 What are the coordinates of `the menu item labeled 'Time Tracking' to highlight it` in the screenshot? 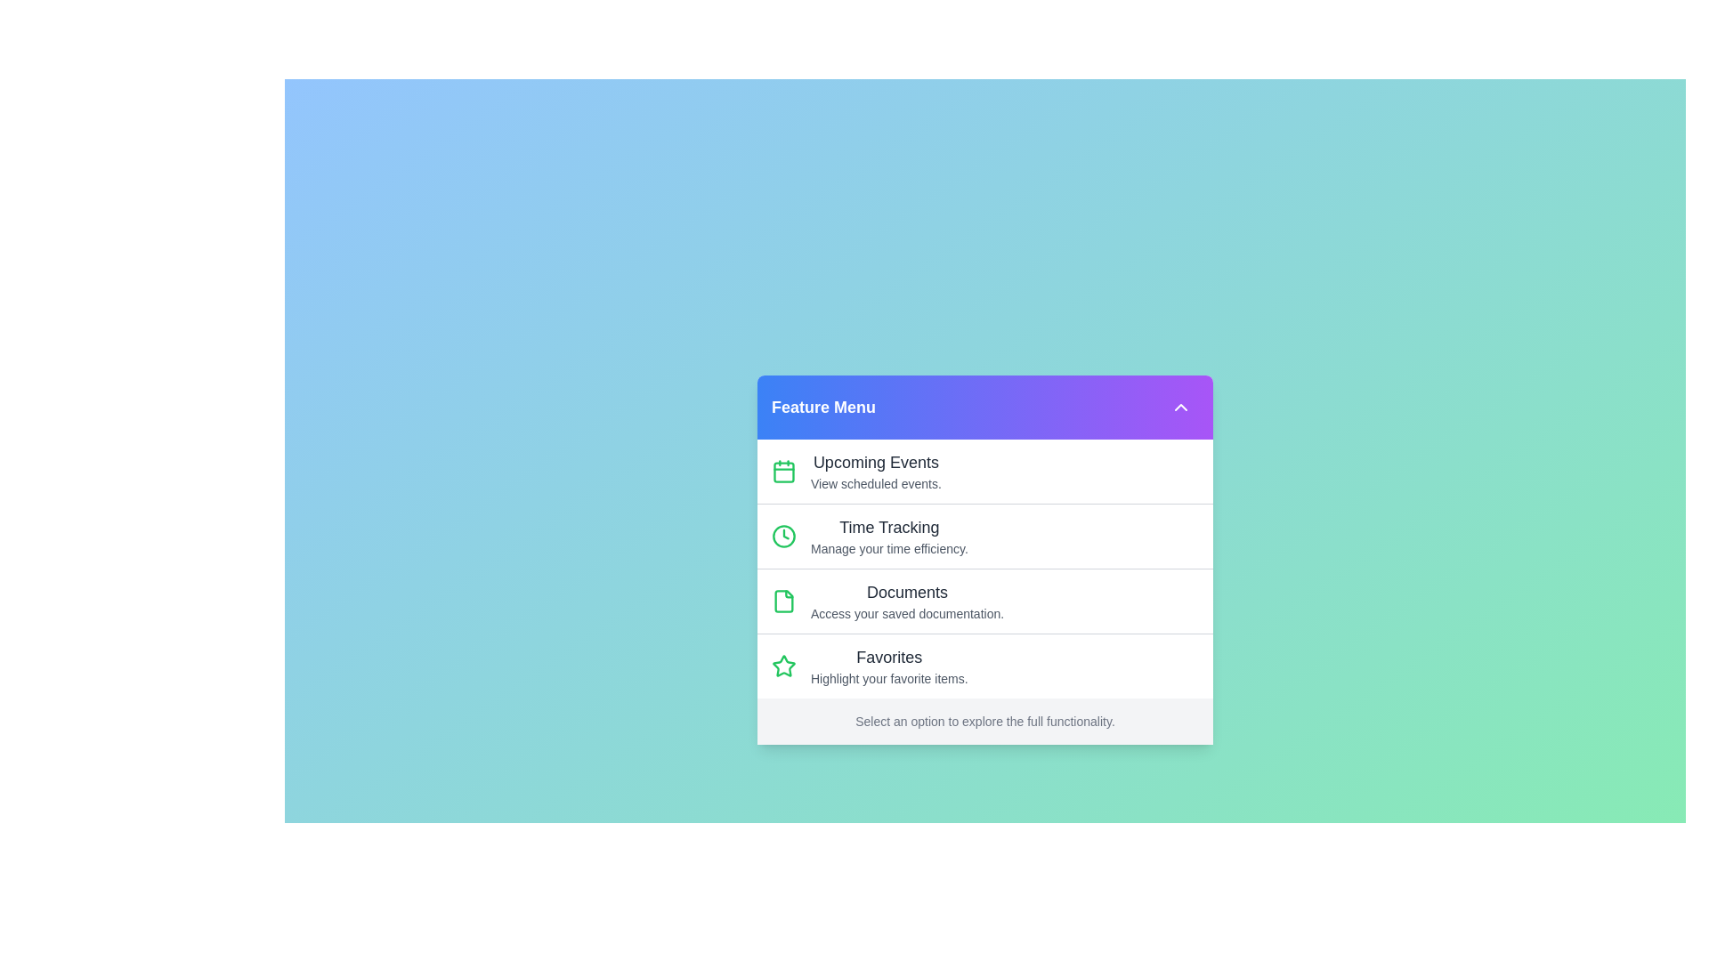 It's located at (984, 534).